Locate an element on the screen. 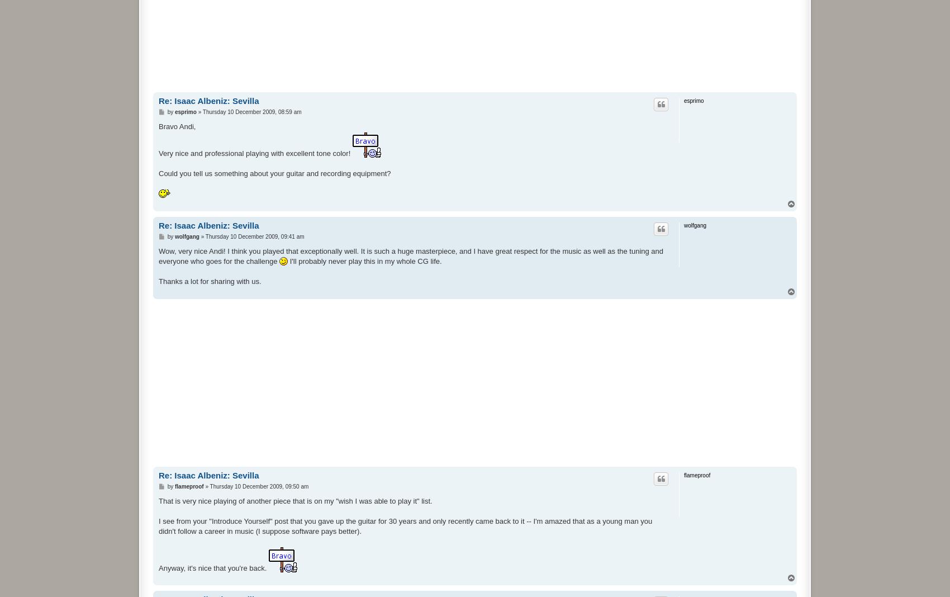  'Anyway, it's nice that you're back.' is located at coordinates (159, 567).